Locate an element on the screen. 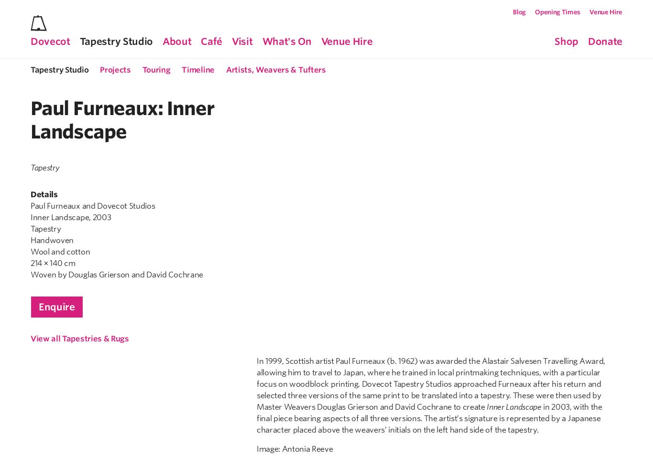 The image size is (653, 456). 'Registered Office' is located at coordinates (353, 342).